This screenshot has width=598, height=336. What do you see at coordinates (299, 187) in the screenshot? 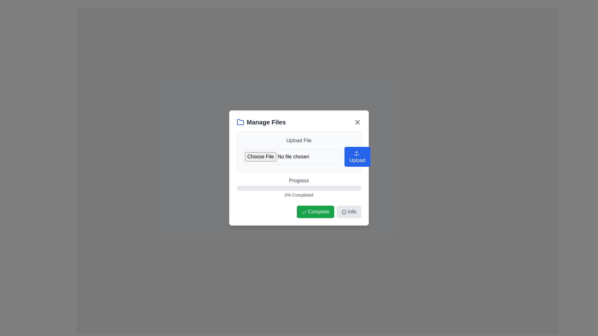
I see `progress percentage displayed on the progress bar titled 'Progress', which shows '0% Completed' below a light gray rounded rectangle progress display` at bounding box center [299, 187].